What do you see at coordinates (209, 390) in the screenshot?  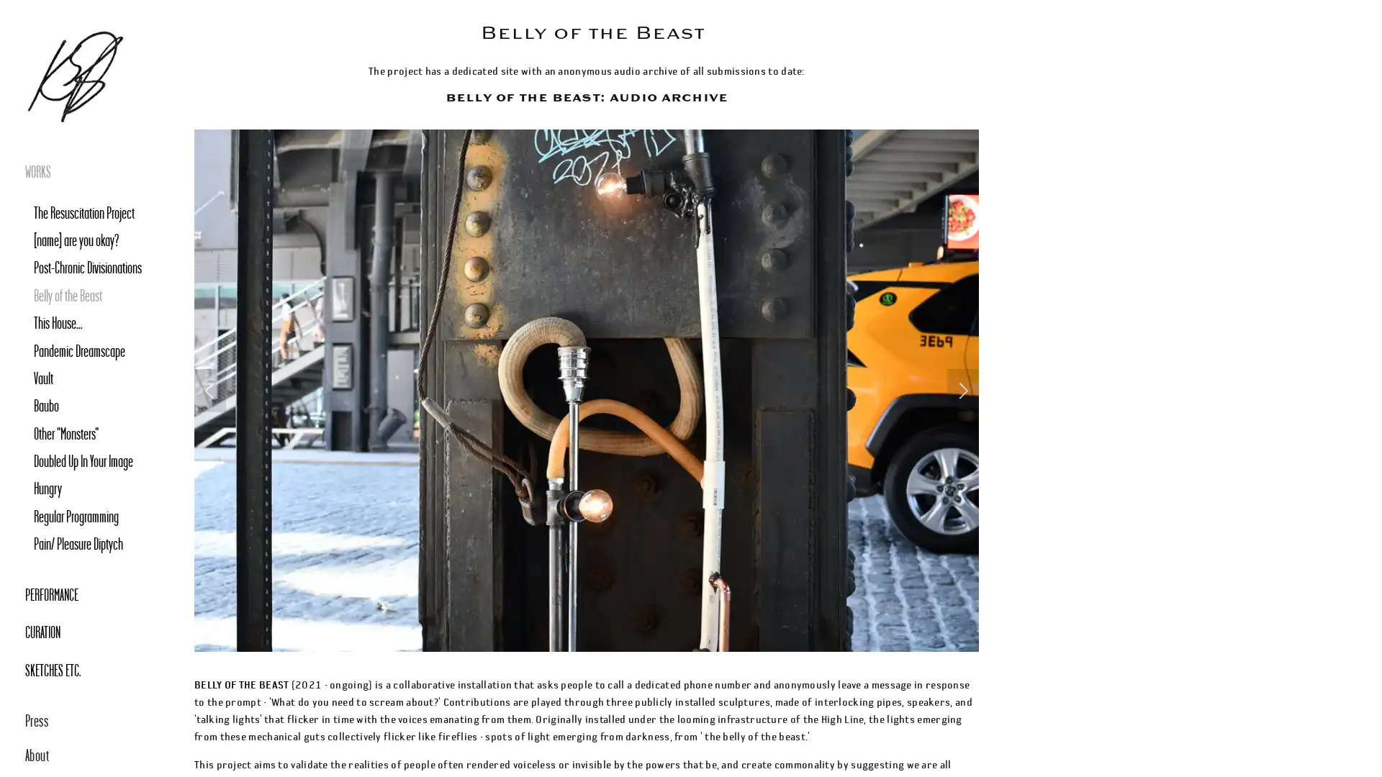 I see `Previous Slide` at bounding box center [209, 390].